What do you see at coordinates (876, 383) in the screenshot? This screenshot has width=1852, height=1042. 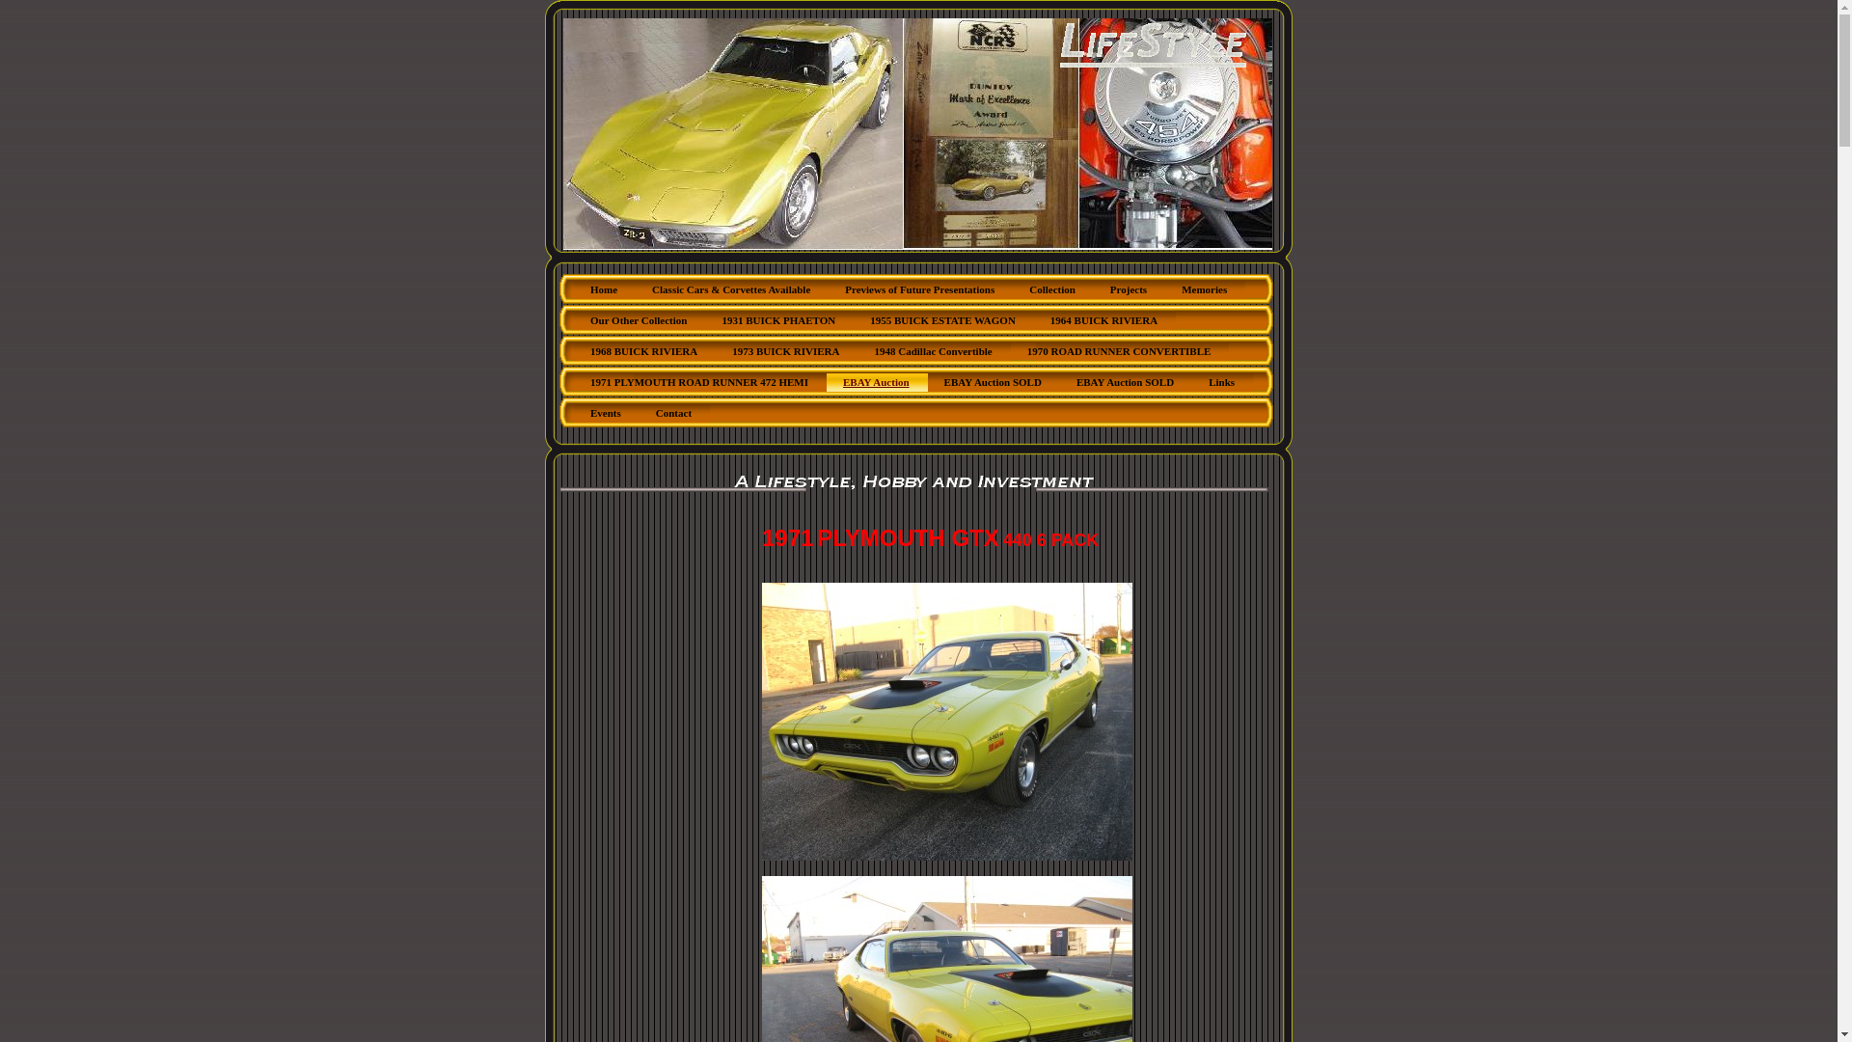 I see `'EBAY Auction'` at bounding box center [876, 383].